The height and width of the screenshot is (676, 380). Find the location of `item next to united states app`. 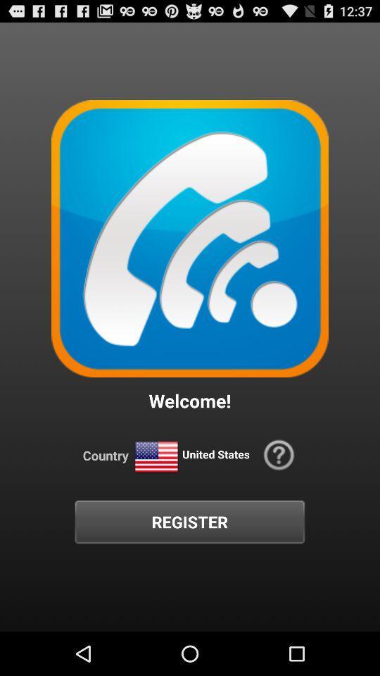

item next to united states app is located at coordinates (156, 456).